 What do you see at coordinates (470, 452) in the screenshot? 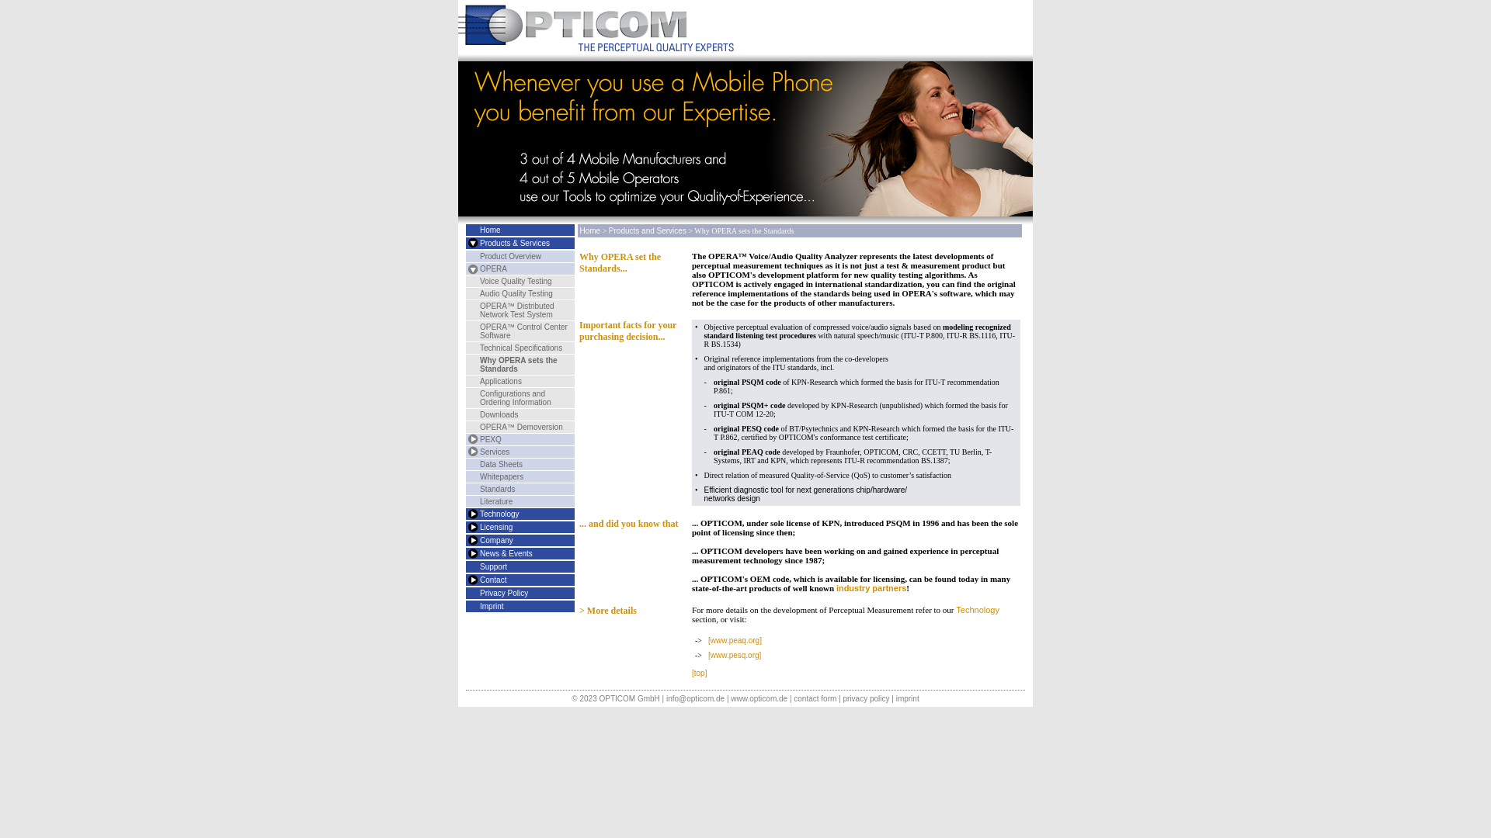
I see `'Services'` at bounding box center [470, 452].